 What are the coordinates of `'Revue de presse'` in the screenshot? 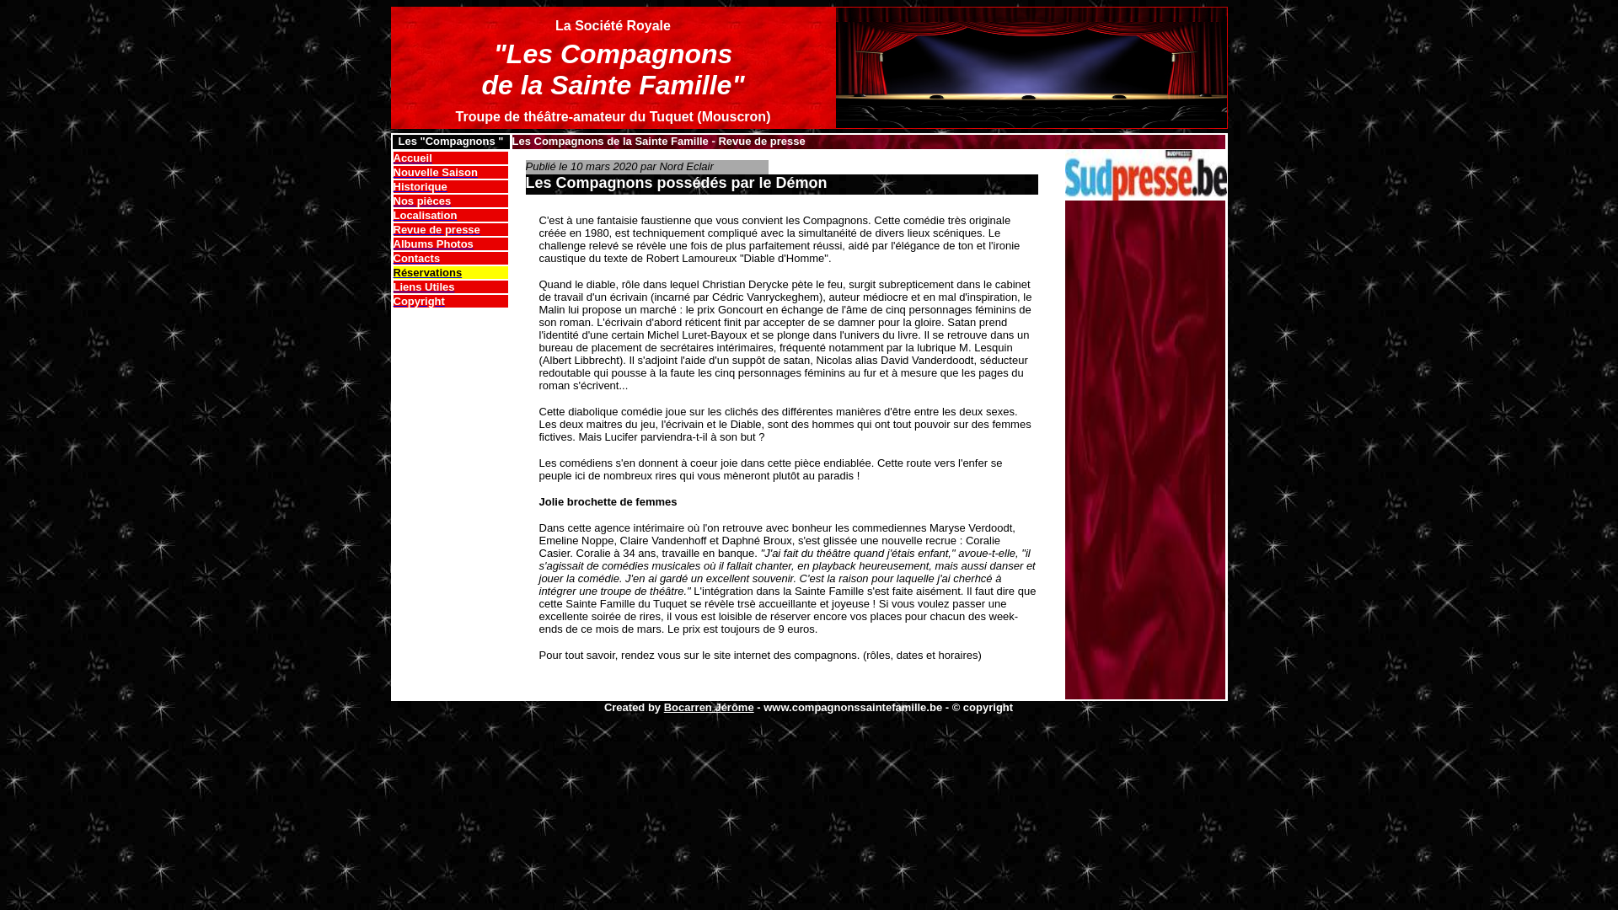 It's located at (436, 228).